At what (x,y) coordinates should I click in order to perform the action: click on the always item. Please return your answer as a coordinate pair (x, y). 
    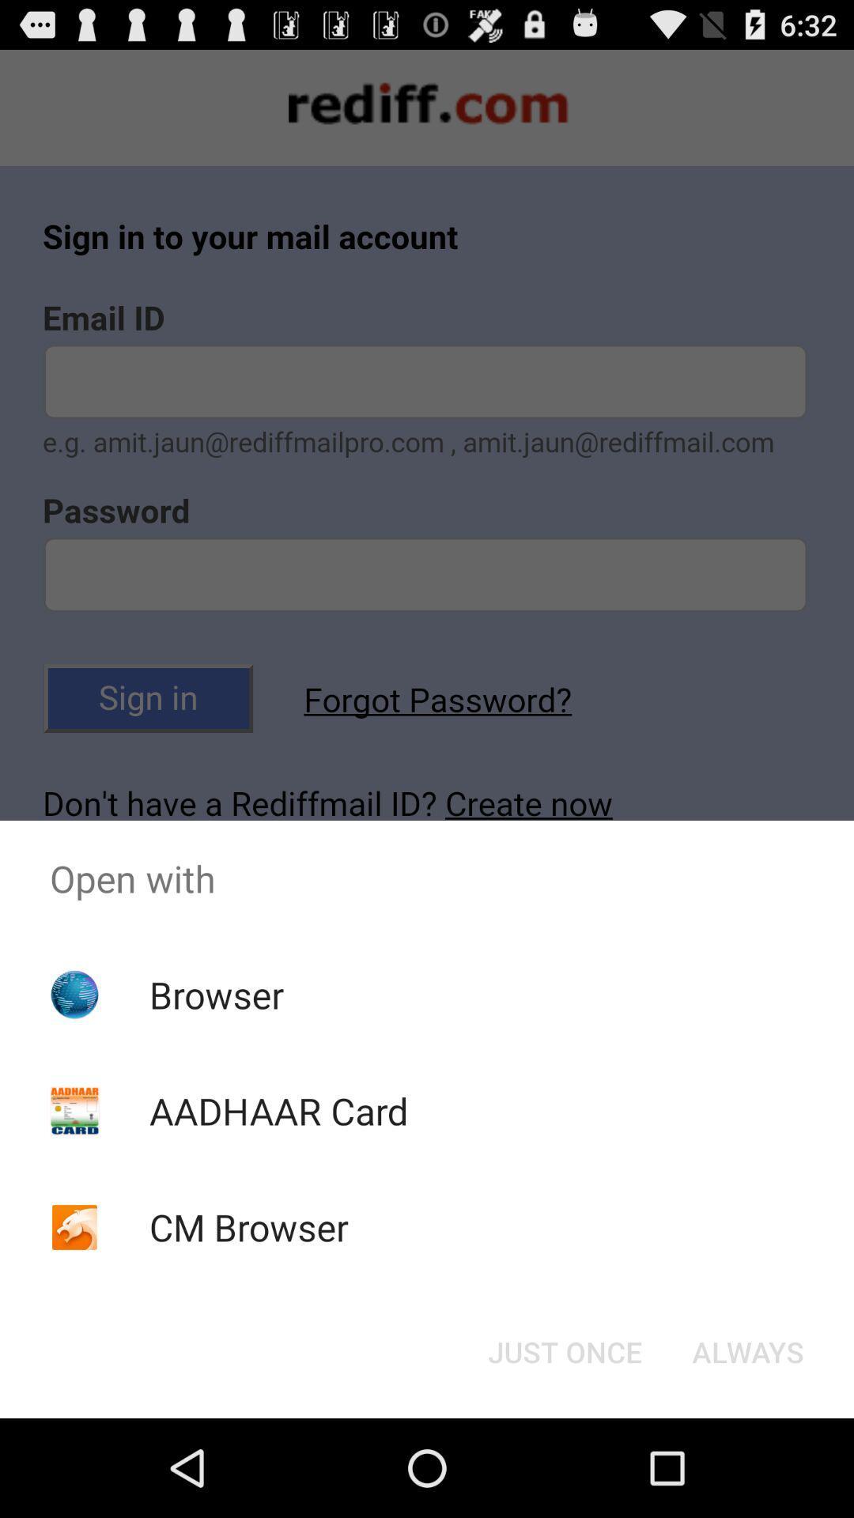
    Looking at the image, I should click on (747, 1350).